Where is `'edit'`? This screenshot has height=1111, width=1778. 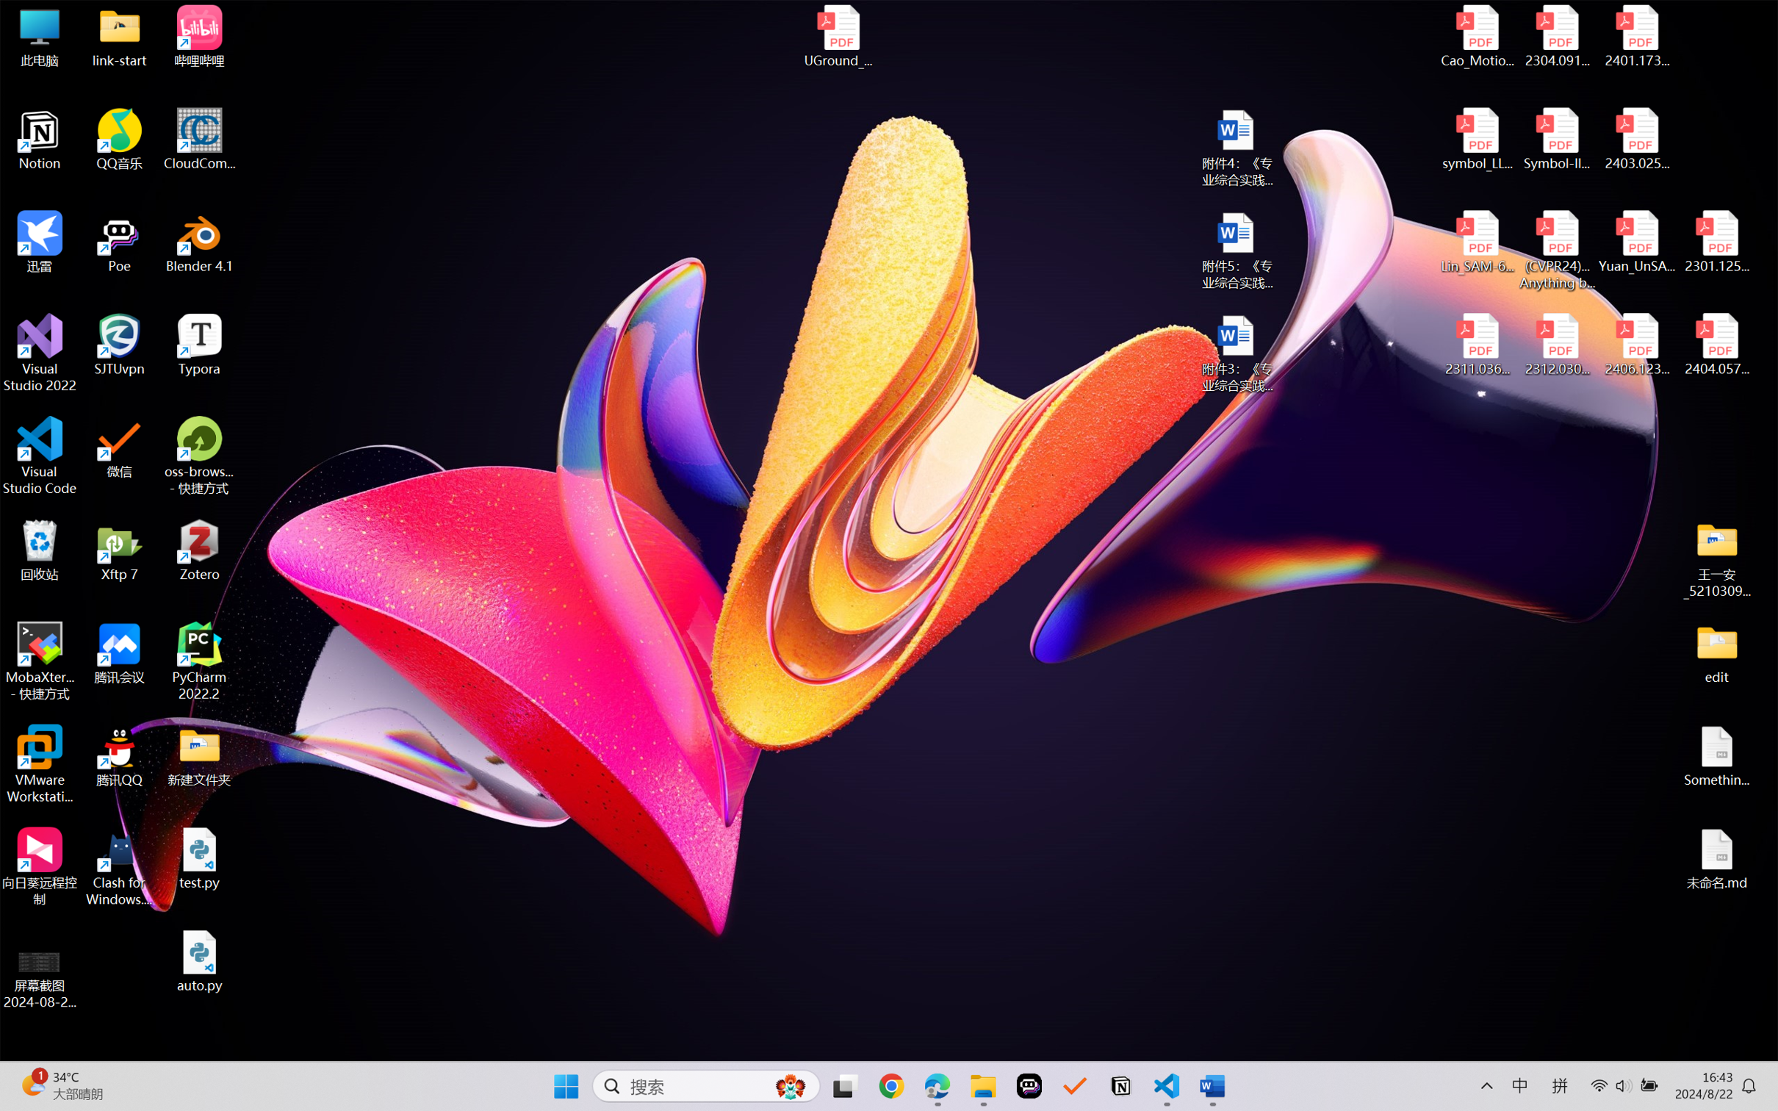
'edit' is located at coordinates (1716, 652).